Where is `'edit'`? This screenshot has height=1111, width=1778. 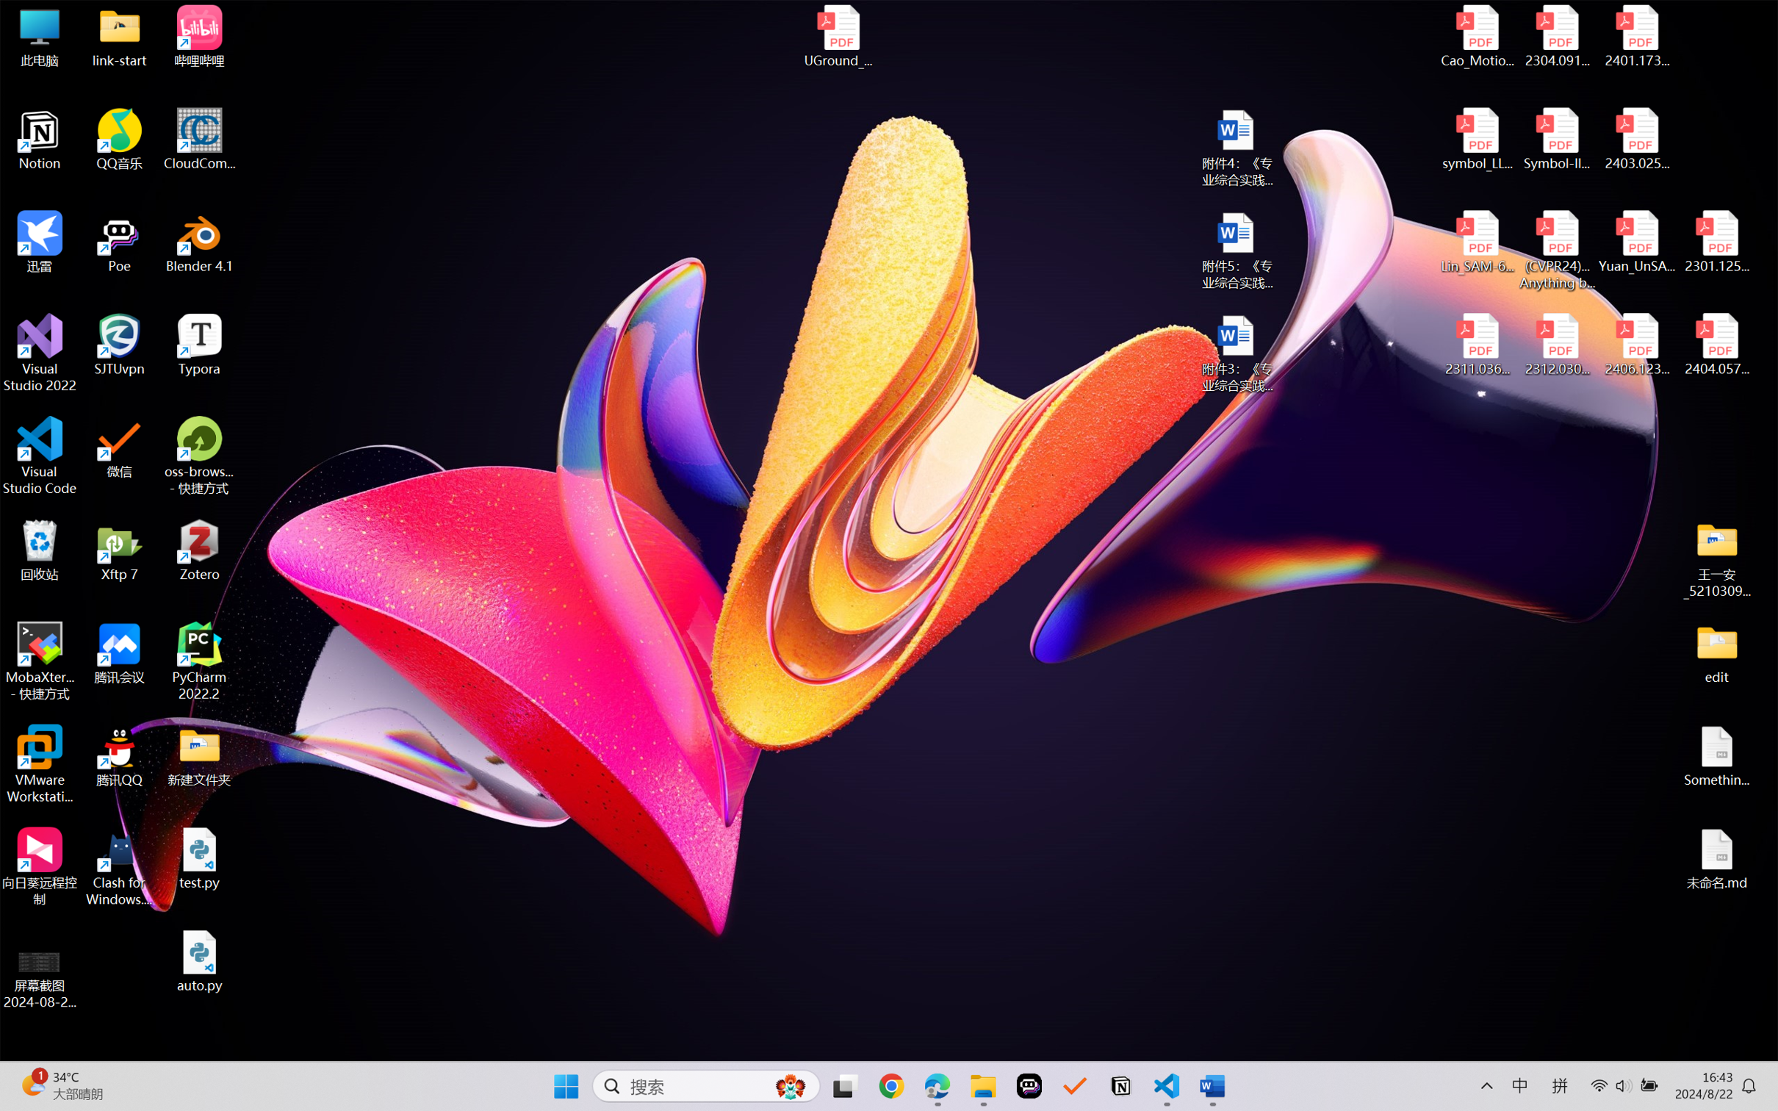
'edit' is located at coordinates (1716, 652).